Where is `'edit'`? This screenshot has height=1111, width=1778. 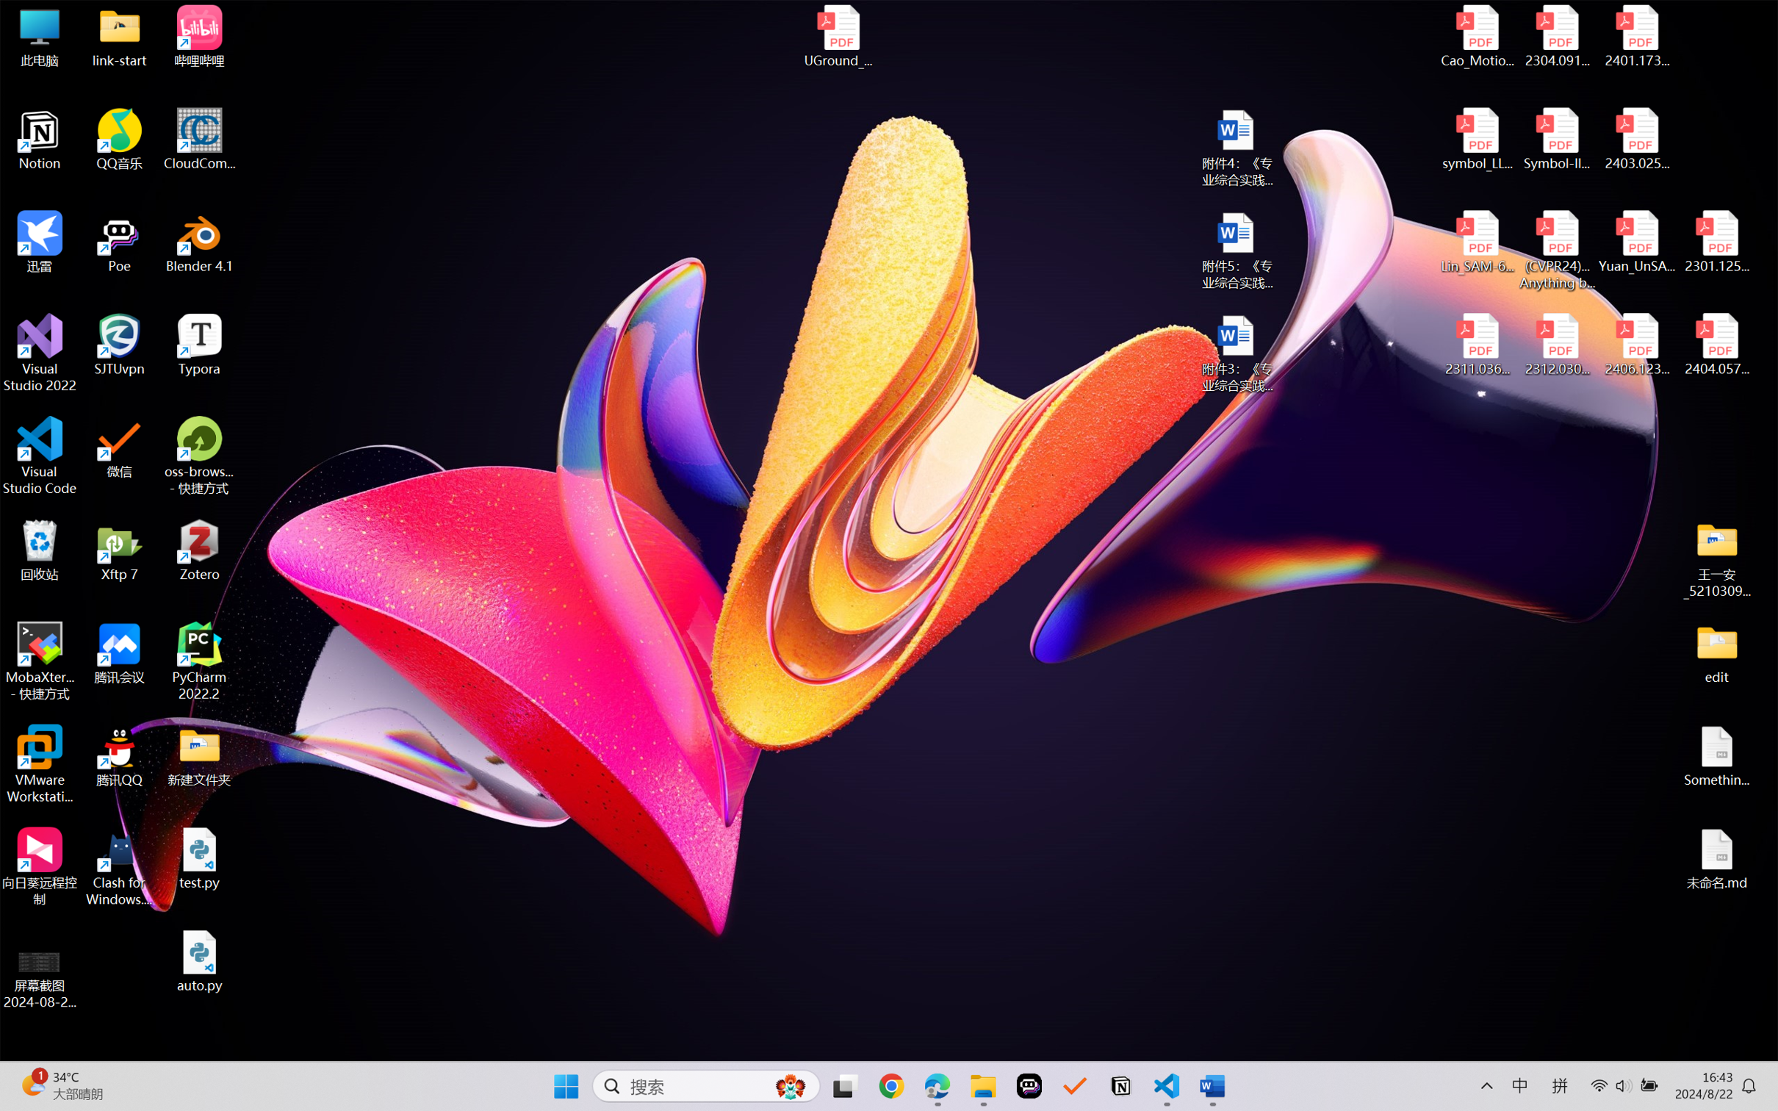
'edit' is located at coordinates (1716, 652).